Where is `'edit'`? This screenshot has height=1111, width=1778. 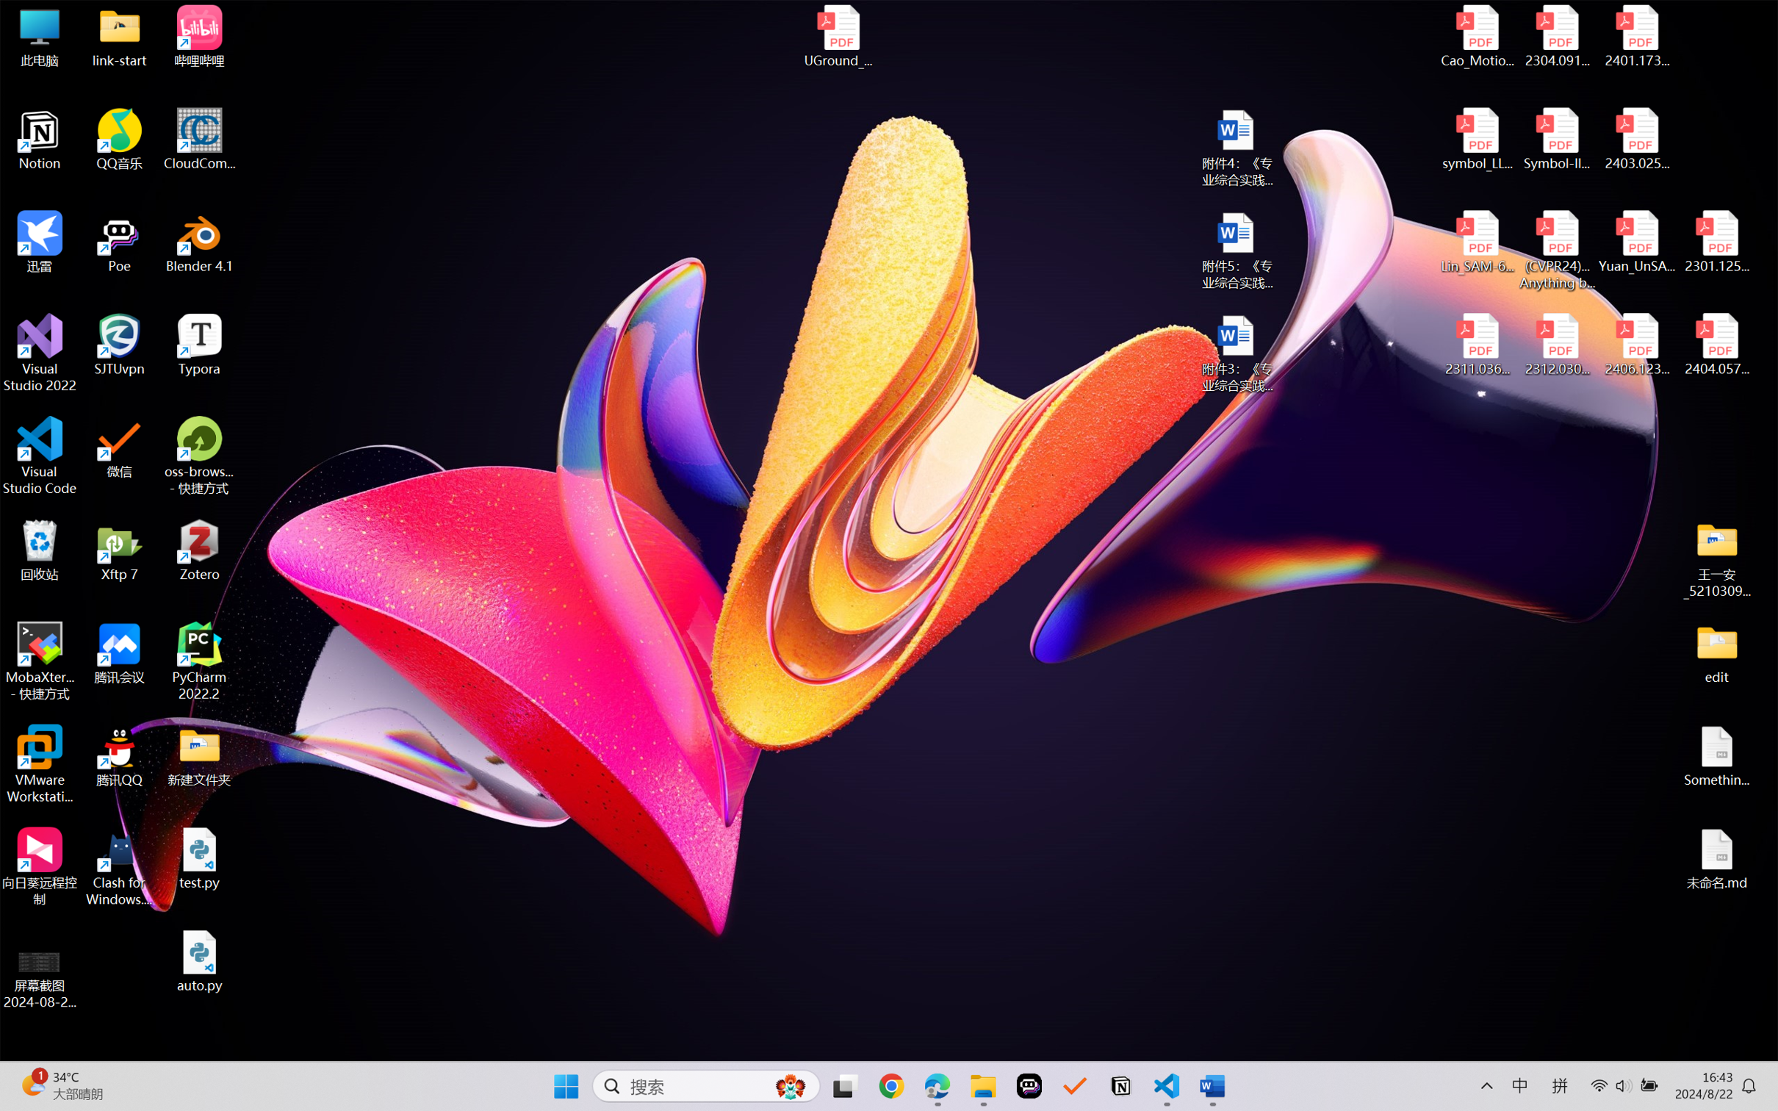
'edit' is located at coordinates (1716, 652).